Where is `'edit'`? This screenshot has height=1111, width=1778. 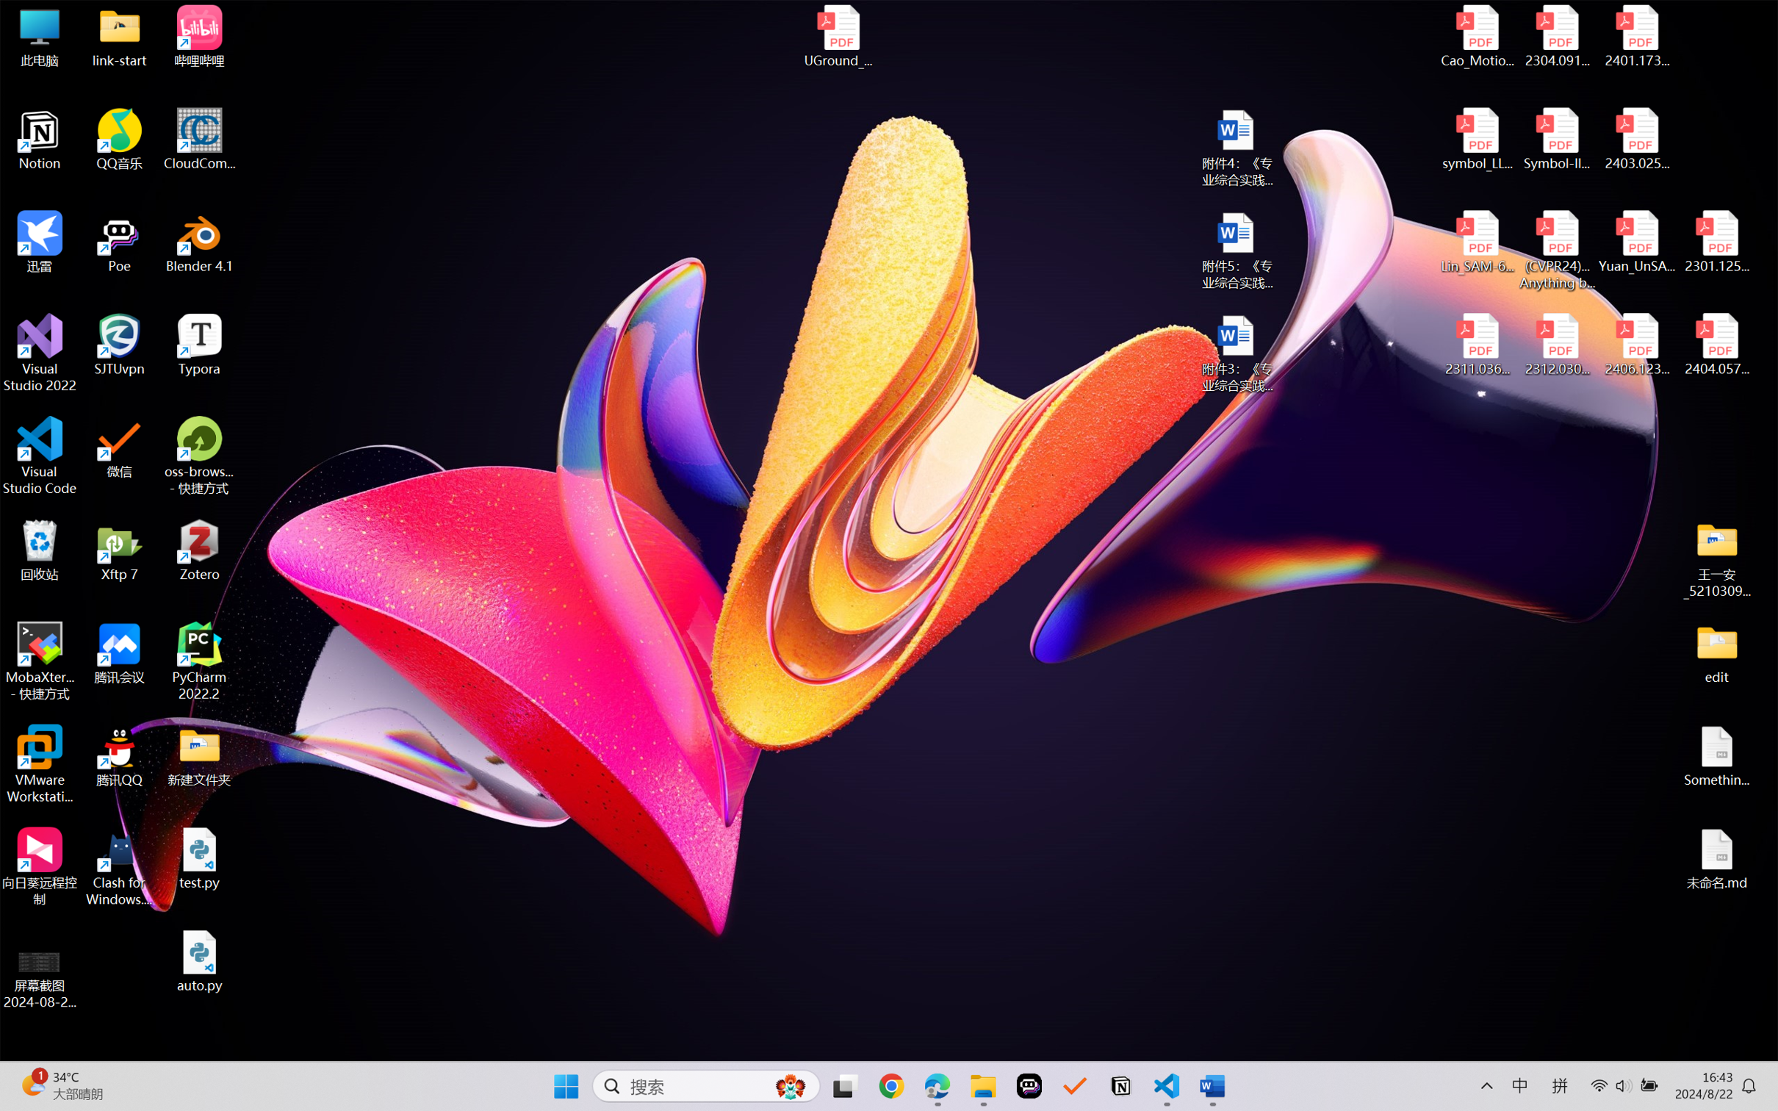
'edit' is located at coordinates (1716, 652).